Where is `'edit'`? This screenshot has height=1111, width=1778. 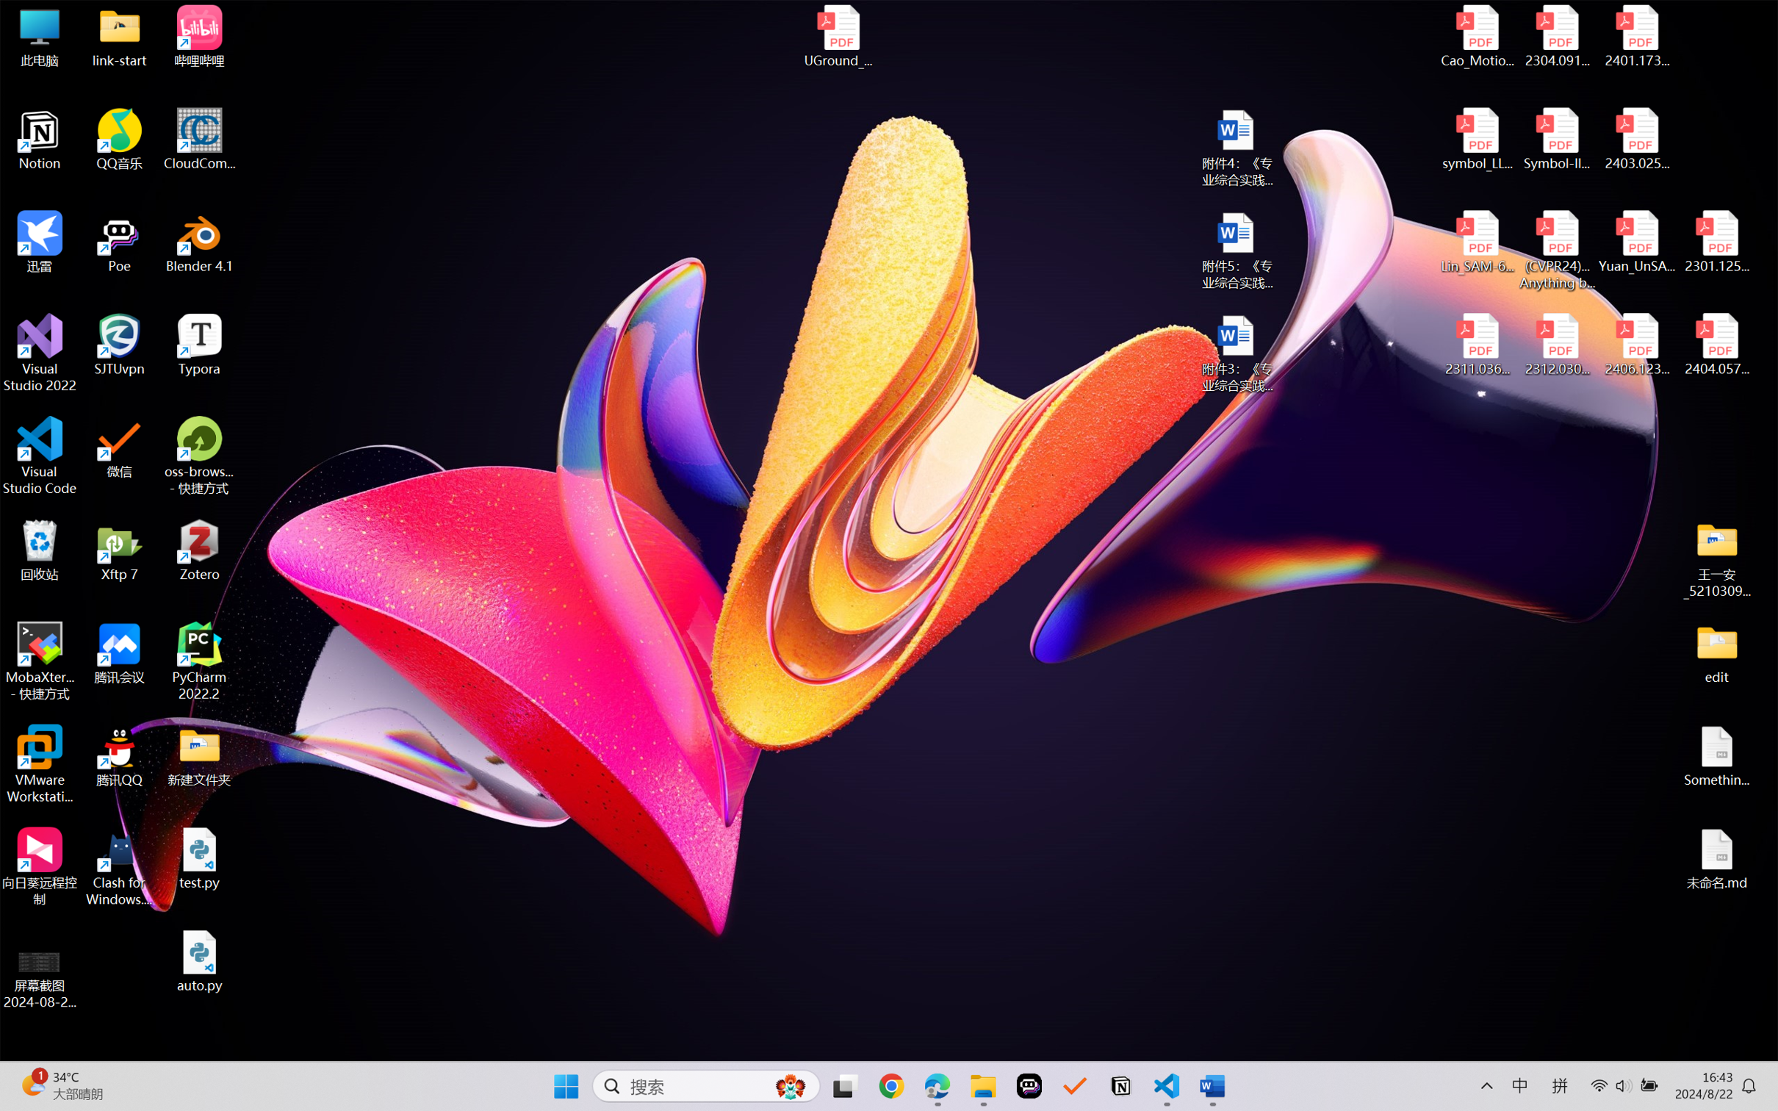
'edit' is located at coordinates (1716, 652).